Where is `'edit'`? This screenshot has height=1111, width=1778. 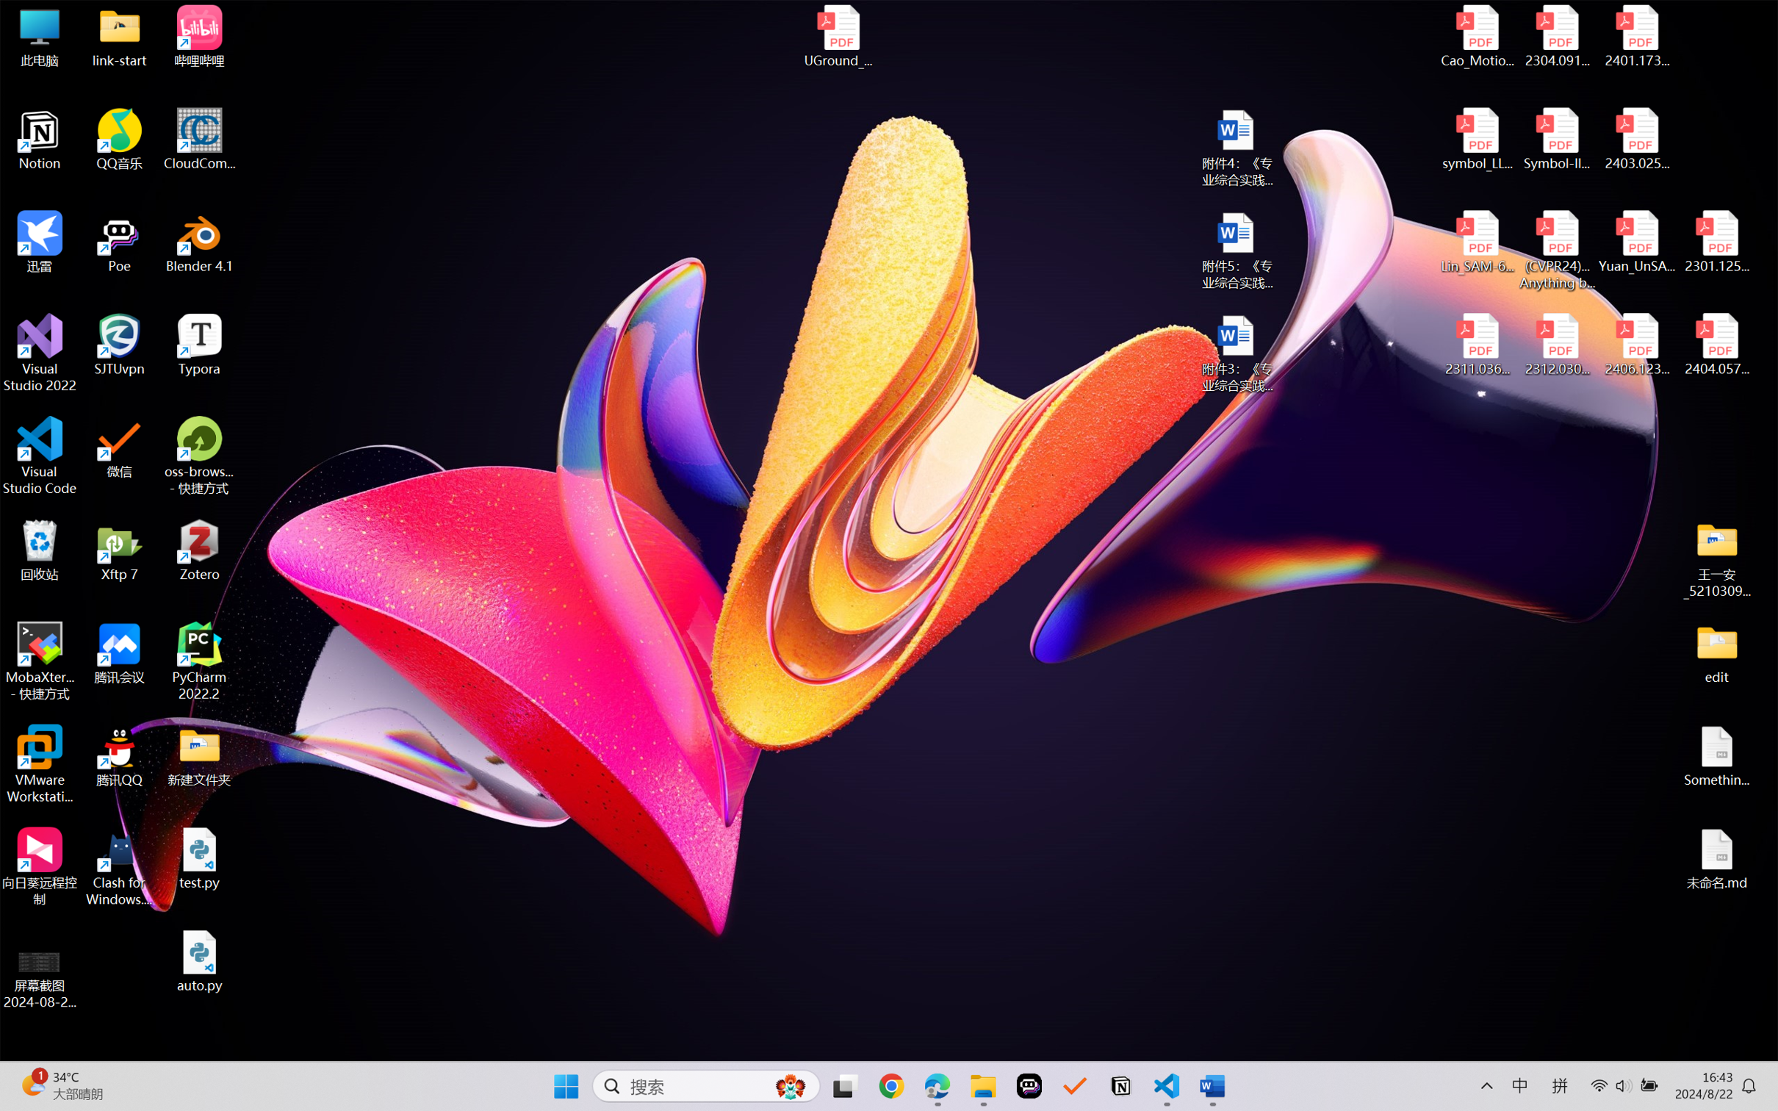
'edit' is located at coordinates (1716, 652).